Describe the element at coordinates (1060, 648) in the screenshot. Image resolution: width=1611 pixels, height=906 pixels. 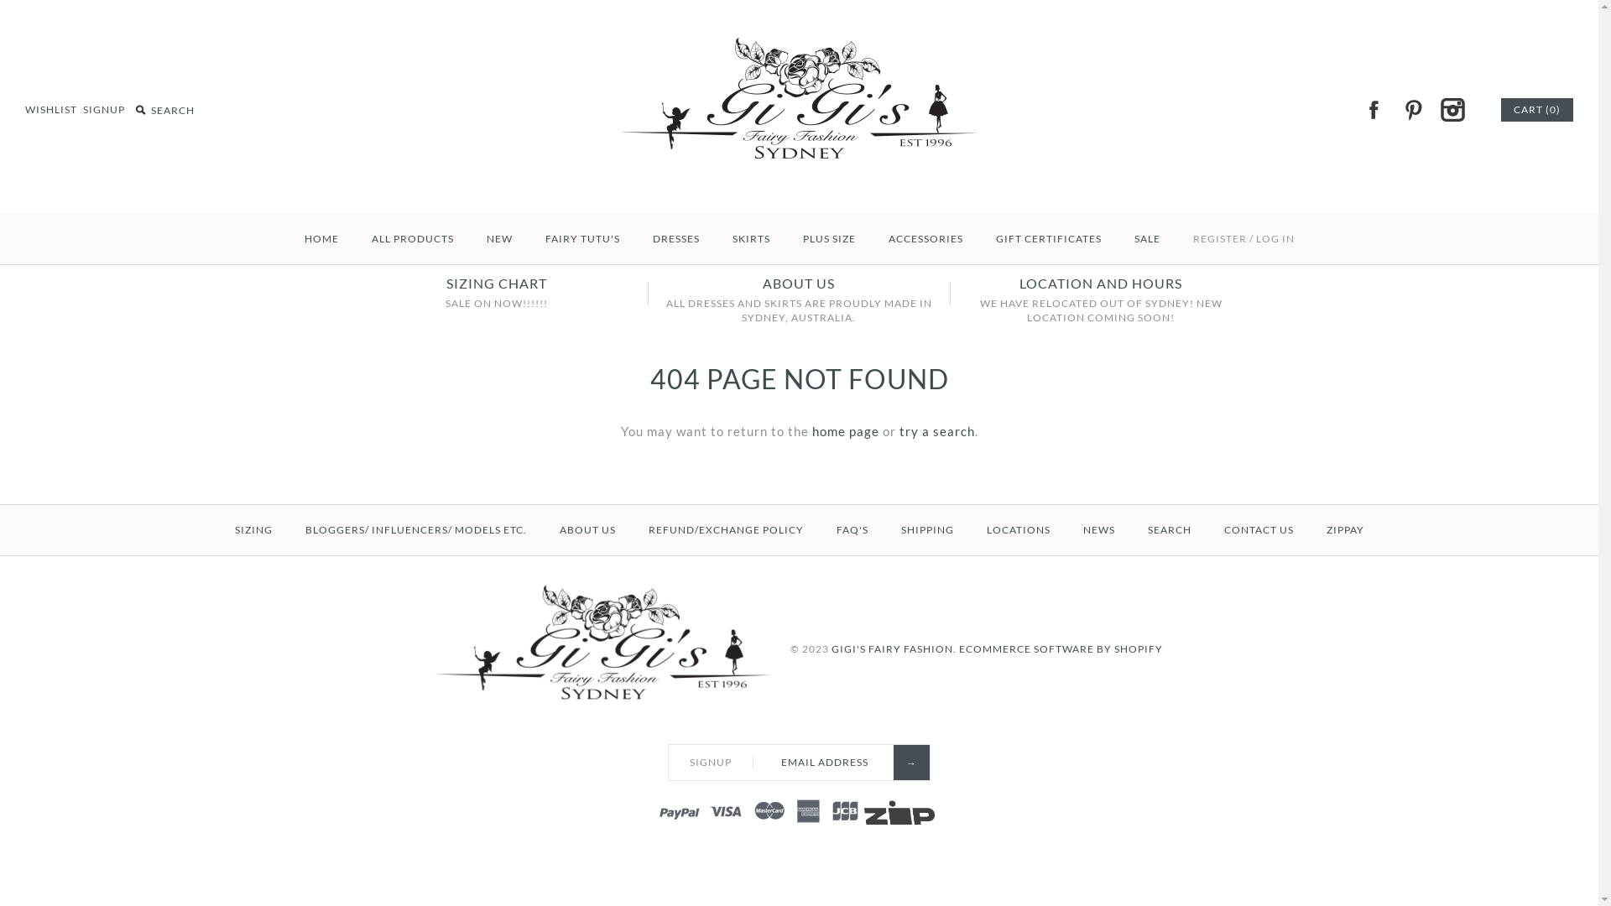
I see `'ECOMMERCE SOFTWARE BY SHOPIFY'` at that location.